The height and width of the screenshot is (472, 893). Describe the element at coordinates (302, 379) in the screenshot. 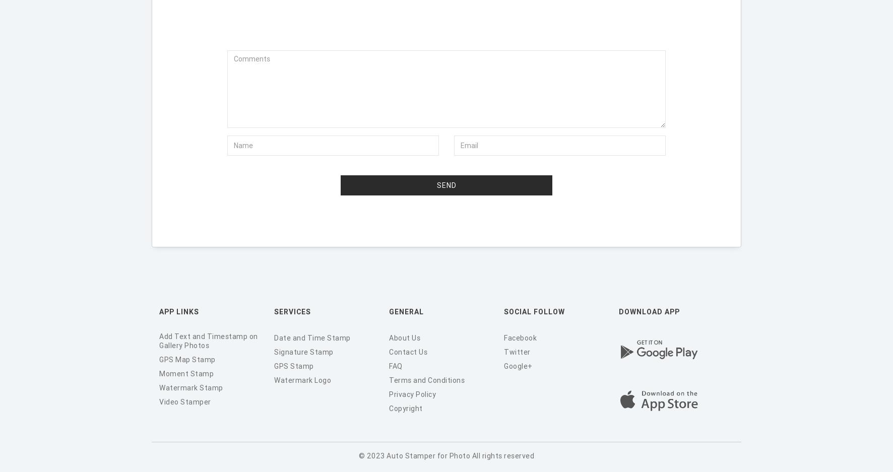

I see `'Watermark Logo'` at that location.